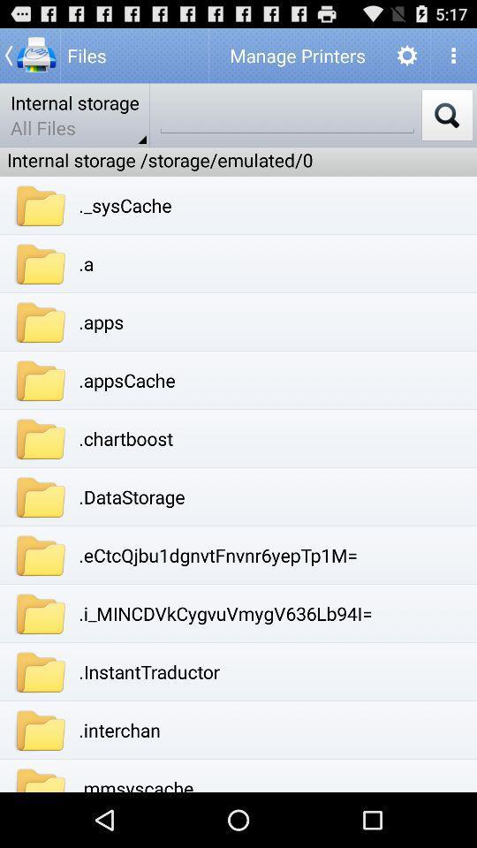 This screenshot has width=477, height=848. What do you see at coordinates (101, 321) in the screenshot?
I see `.apps item` at bounding box center [101, 321].